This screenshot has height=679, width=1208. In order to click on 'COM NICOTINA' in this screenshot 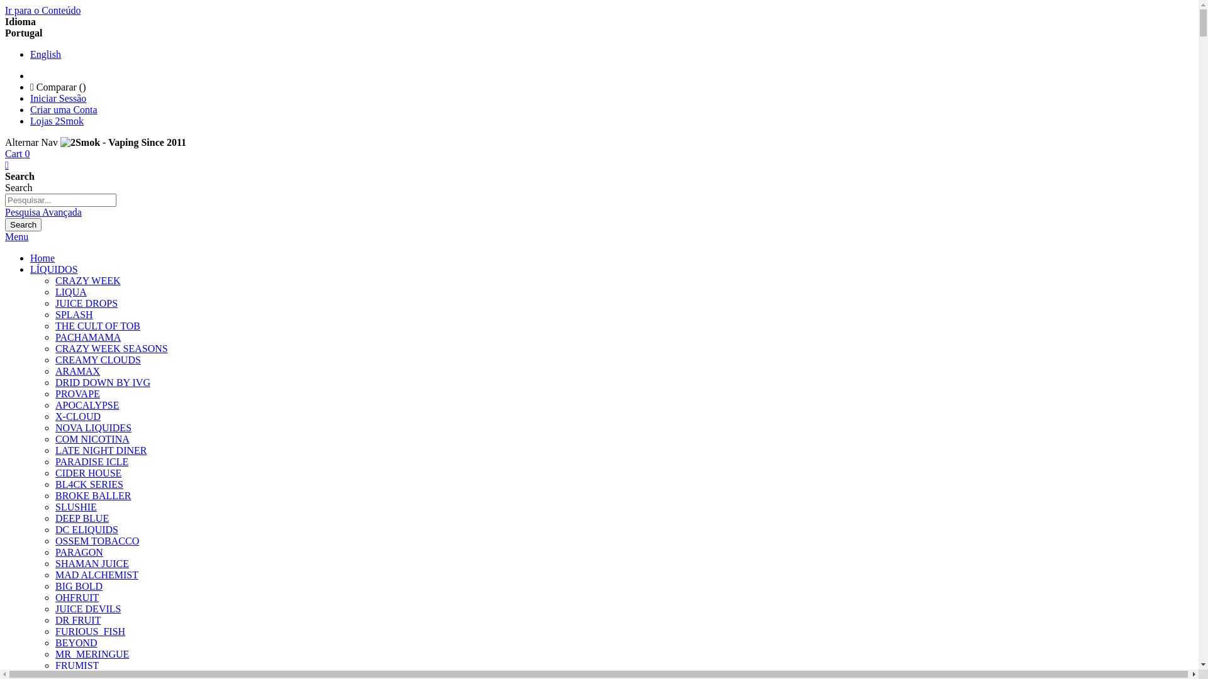, I will do `click(92, 438)`.